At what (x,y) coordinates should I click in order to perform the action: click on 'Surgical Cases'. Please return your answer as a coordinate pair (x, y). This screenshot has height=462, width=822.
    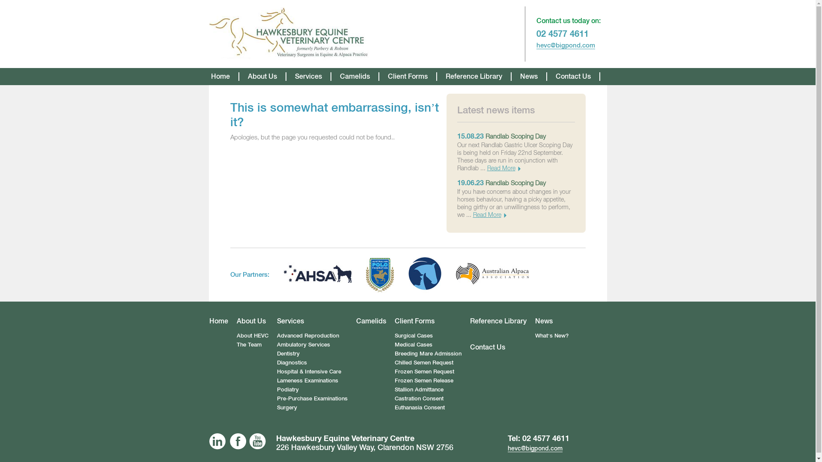
    Looking at the image, I should click on (413, 335).